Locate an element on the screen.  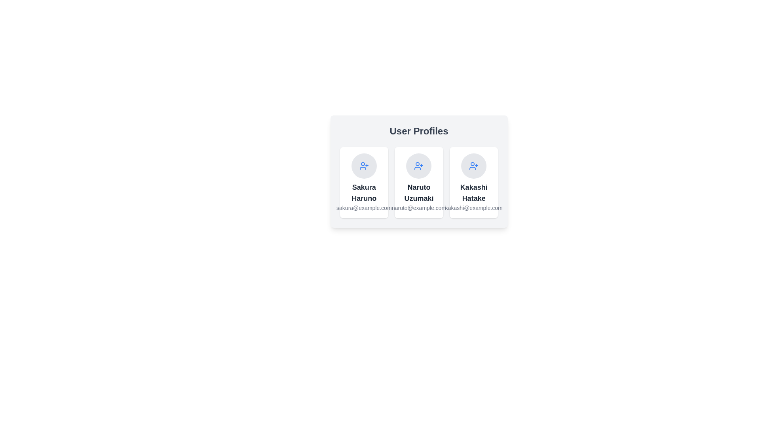
the blue circular user silhouette icon with a plus symbol in the third user profile card in the 'User Profiles' section, which is positioned above the name 'Kakashi Hatake' is located at coordinates (474, 166).